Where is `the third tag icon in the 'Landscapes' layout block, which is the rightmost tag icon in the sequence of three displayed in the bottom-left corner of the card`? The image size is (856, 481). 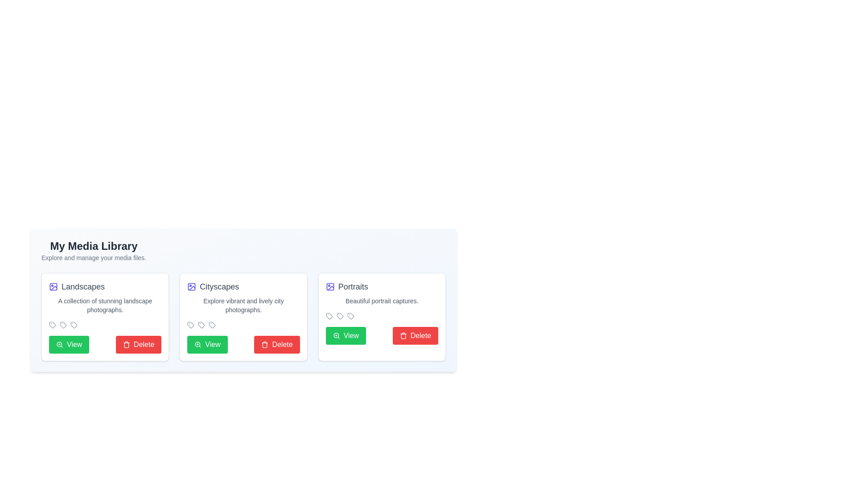
the third tag icon in the 'Landscapes' layout block, which is the rightmost tag icon in the sequence of three displayed in the bottom-left corner of the card is located at coordinates (74, 325).